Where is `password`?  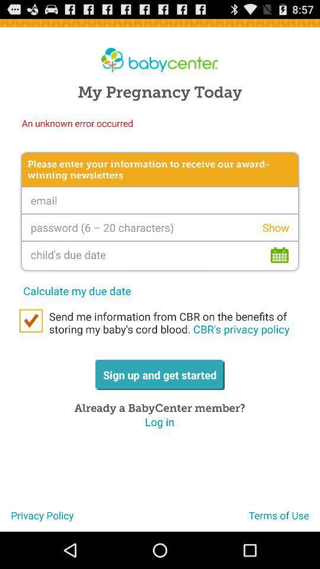 password is located at coordinates (160, 227).